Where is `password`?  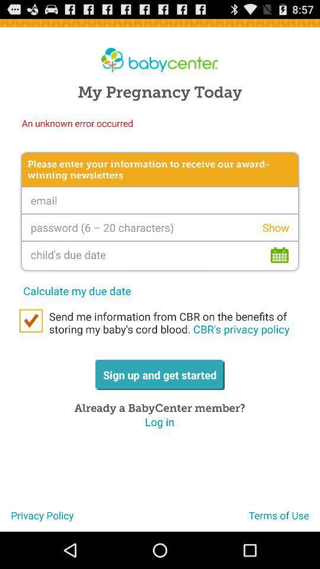 password is located at coordinates (160, 227).